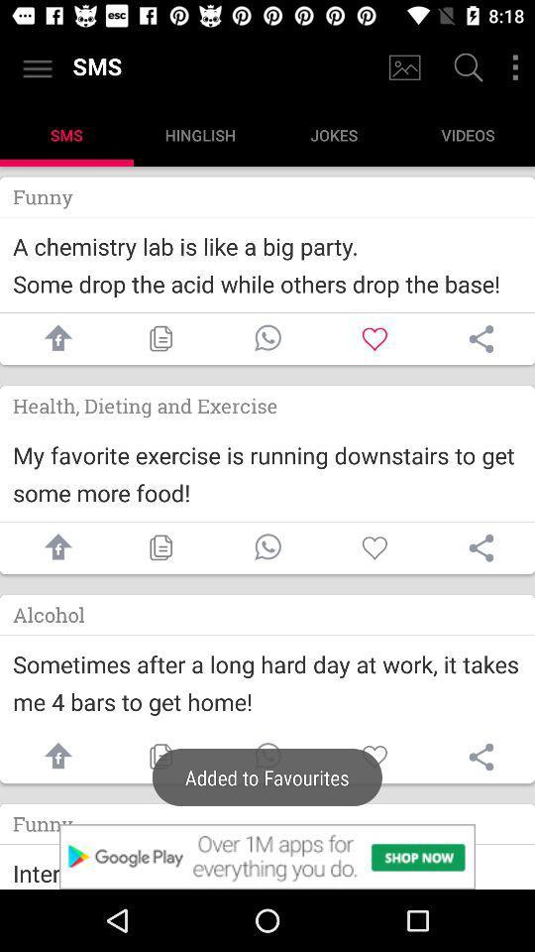 The height and width of the screenshot is (952, 535). Describe the element at coordinates (160, 547) in the screenshot. I see `copy button` at that location.